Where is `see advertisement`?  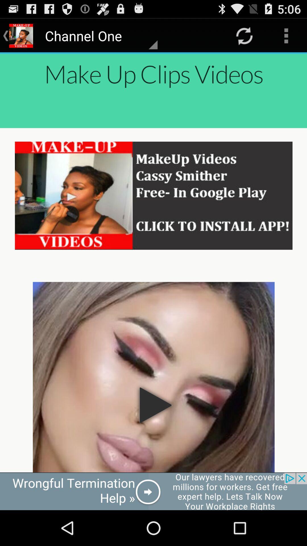
see advertisement is located at coordinates (153, 491).